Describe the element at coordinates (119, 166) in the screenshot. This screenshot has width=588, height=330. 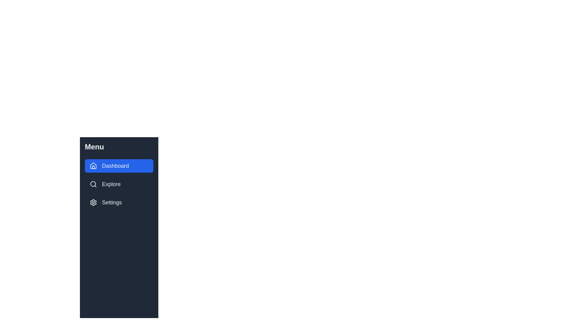
I see `the Navigation Button in the left sidebar under the 'Menu' header` at that location.